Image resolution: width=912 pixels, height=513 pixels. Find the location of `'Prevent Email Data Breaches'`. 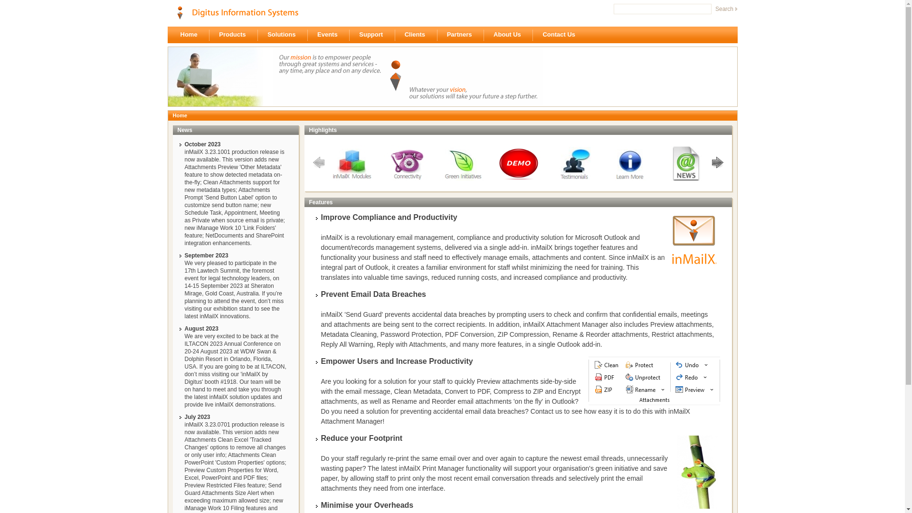

'Prevent Email Data Breaches' is located at coordinates (321, 294).